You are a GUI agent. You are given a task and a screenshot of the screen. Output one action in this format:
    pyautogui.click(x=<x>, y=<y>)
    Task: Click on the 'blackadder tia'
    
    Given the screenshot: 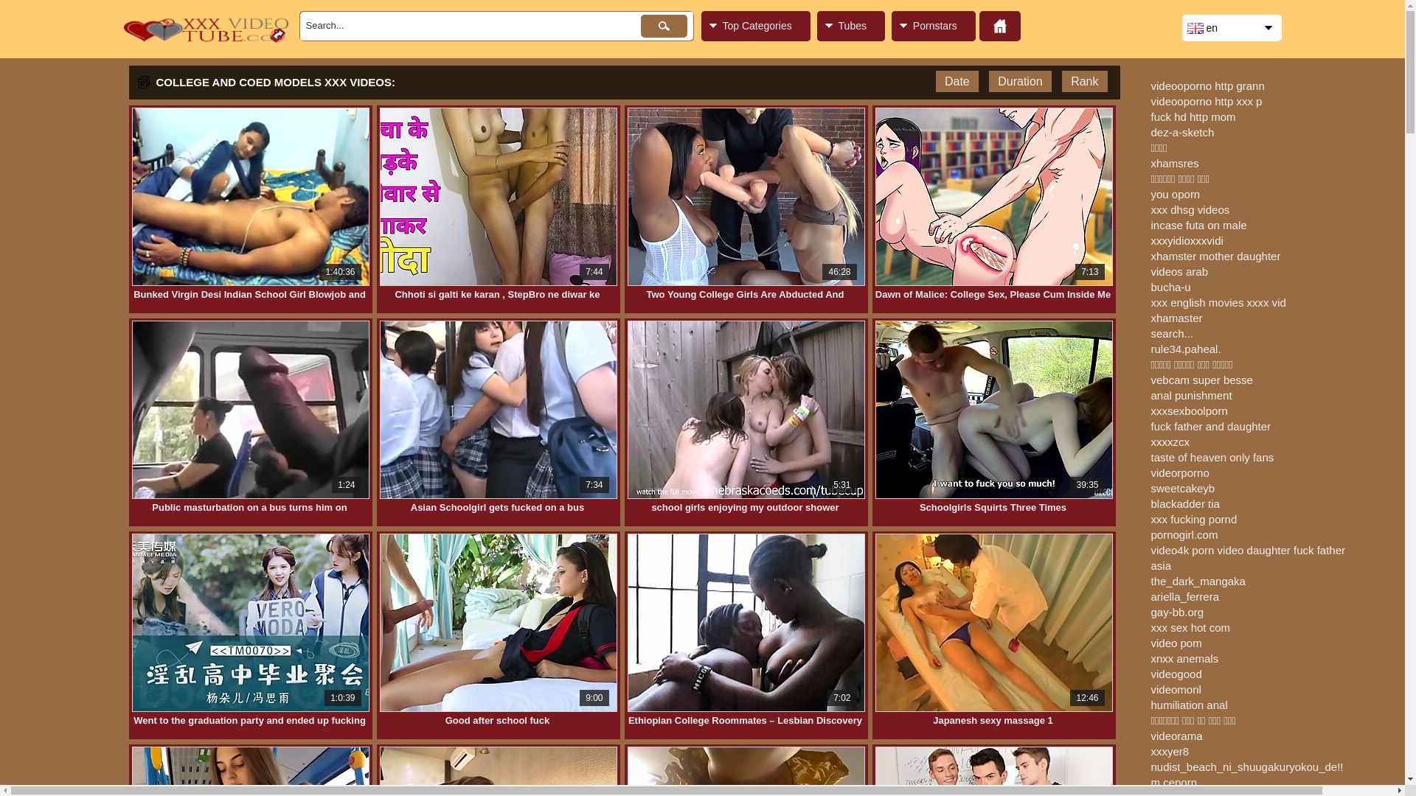 What is the action you would take?
    pyautogui.click(x=1184, y=503)
    